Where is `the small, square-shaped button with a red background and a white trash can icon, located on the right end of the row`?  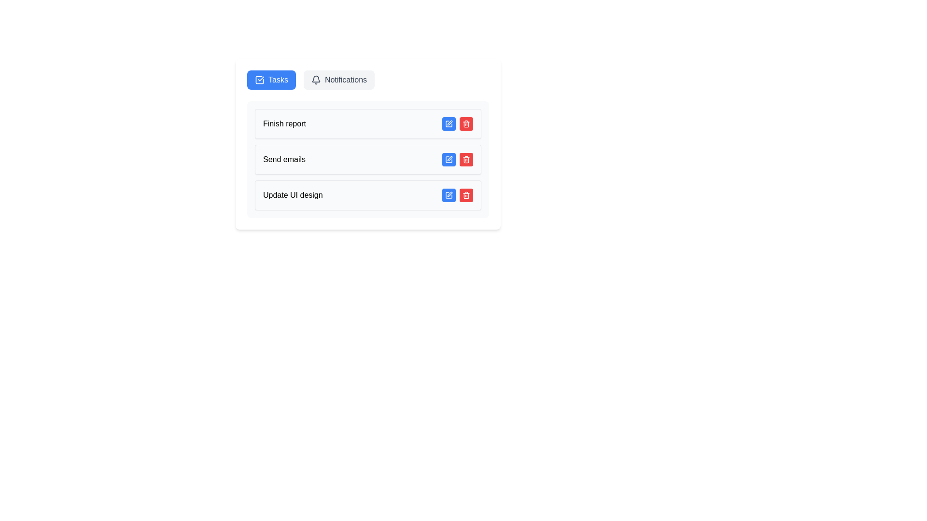 the small, square-shaped button with a red background and a white trash can icon, located on the right end of the row is located at coordinates (466, 123).